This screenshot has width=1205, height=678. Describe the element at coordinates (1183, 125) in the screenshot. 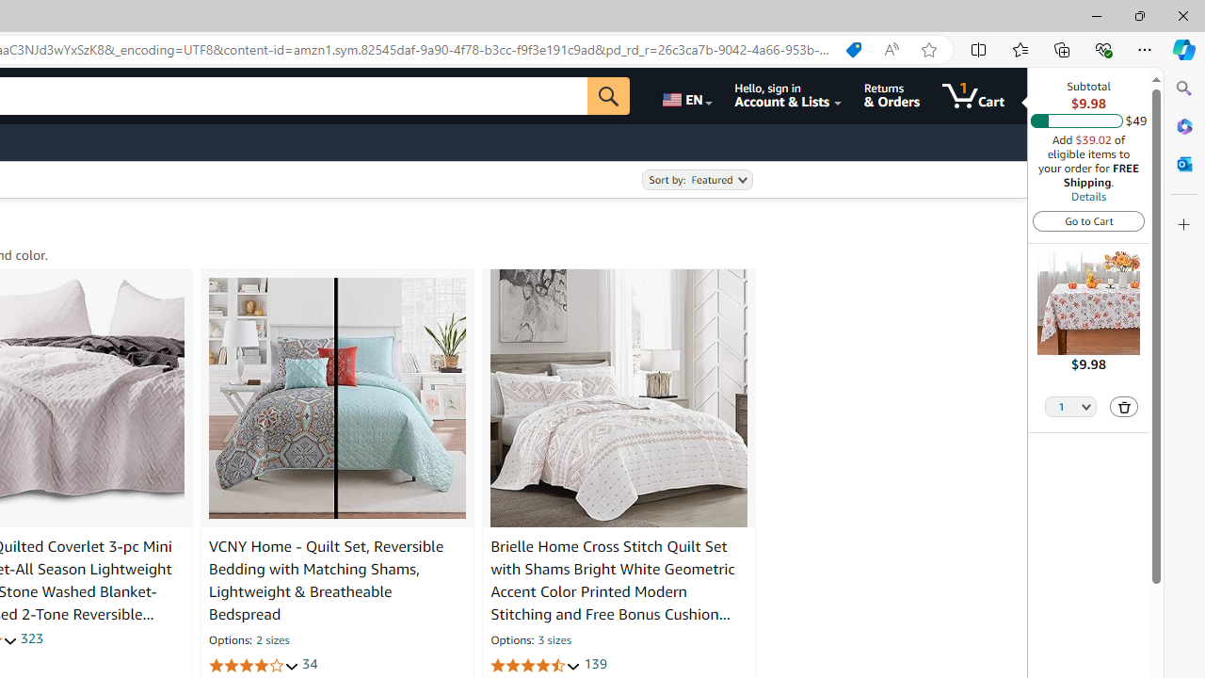

I see `'Microsoft 365'` at that location.